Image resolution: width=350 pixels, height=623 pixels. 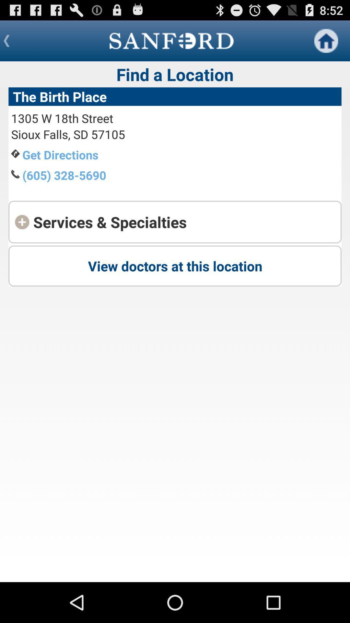 I want to click on item below the sioux falls sd app, so click(x=60, y=154).